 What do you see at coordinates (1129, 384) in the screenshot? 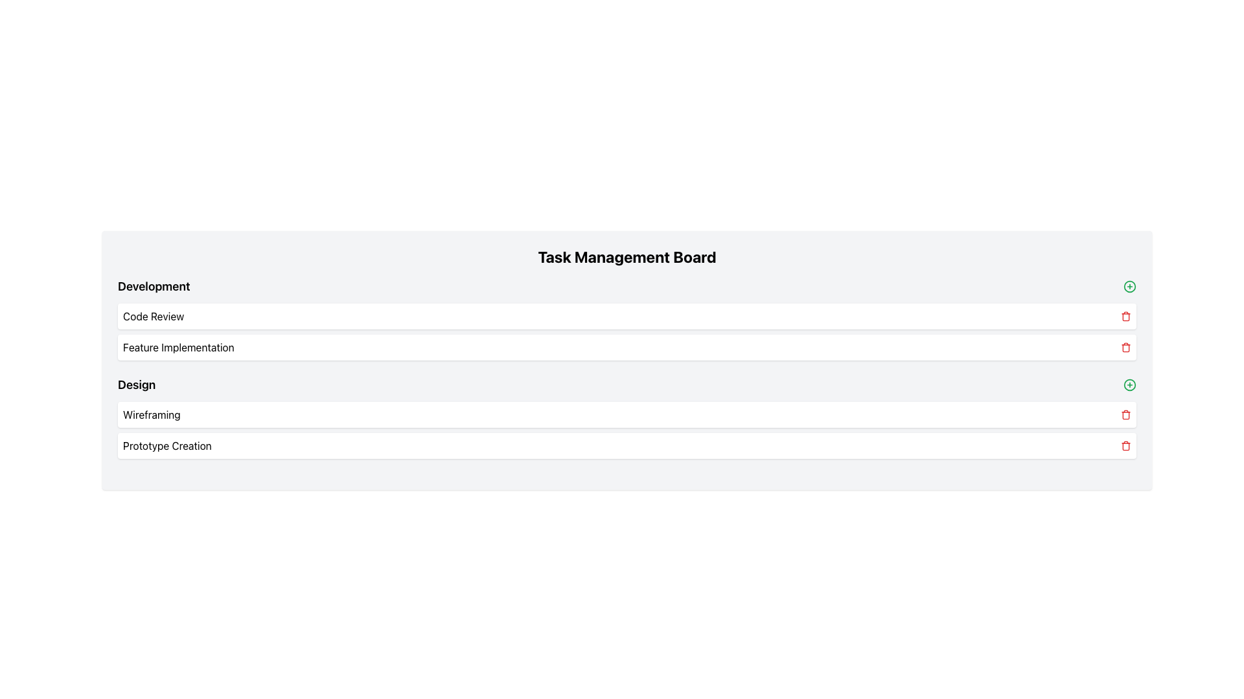
I see `the interactive button located to the right of the last item in the 'Design' section, titled 'Prototype Creation'` at bounding box center [1129, 384].